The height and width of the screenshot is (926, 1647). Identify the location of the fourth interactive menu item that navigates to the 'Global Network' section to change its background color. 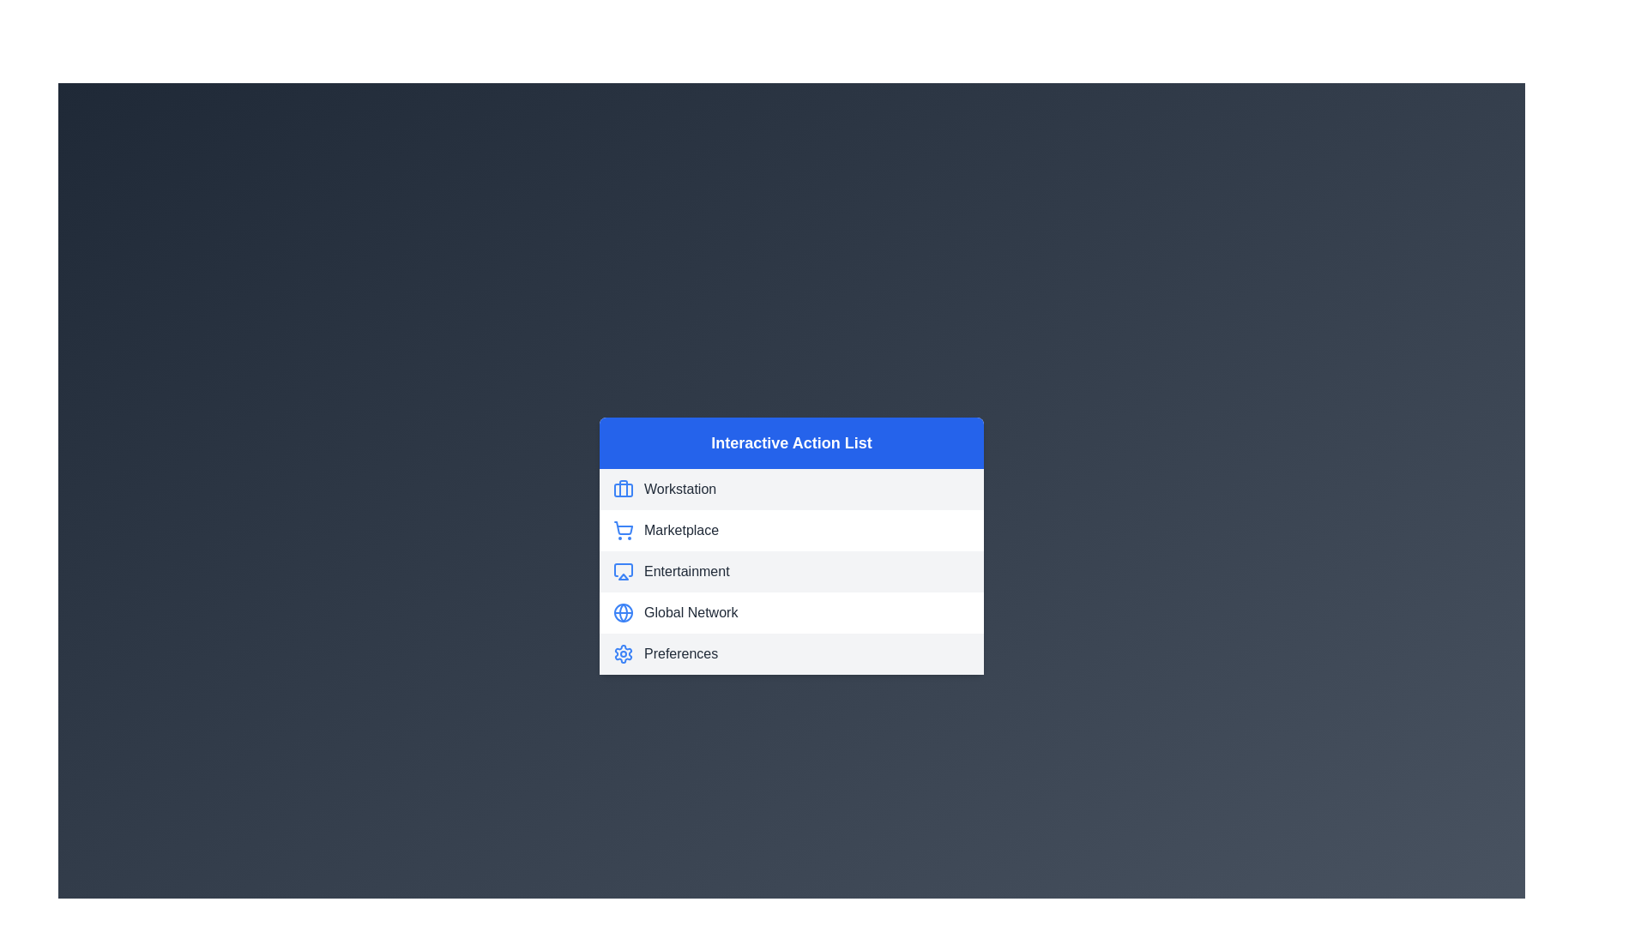
(790, 611).